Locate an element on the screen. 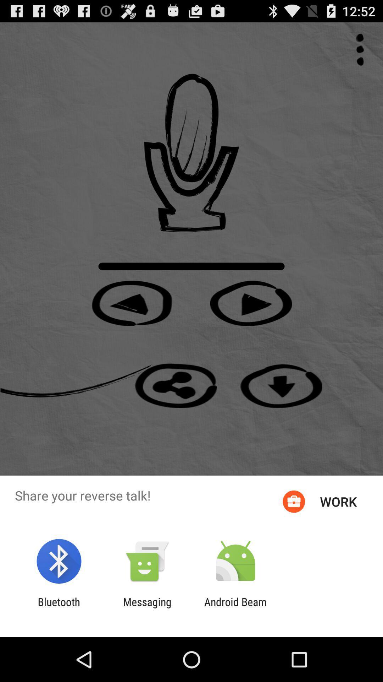 Image resolution: width=383 pixels, height=682 pixels. icon next to the messaging icon is located at coordinates (235, 608).